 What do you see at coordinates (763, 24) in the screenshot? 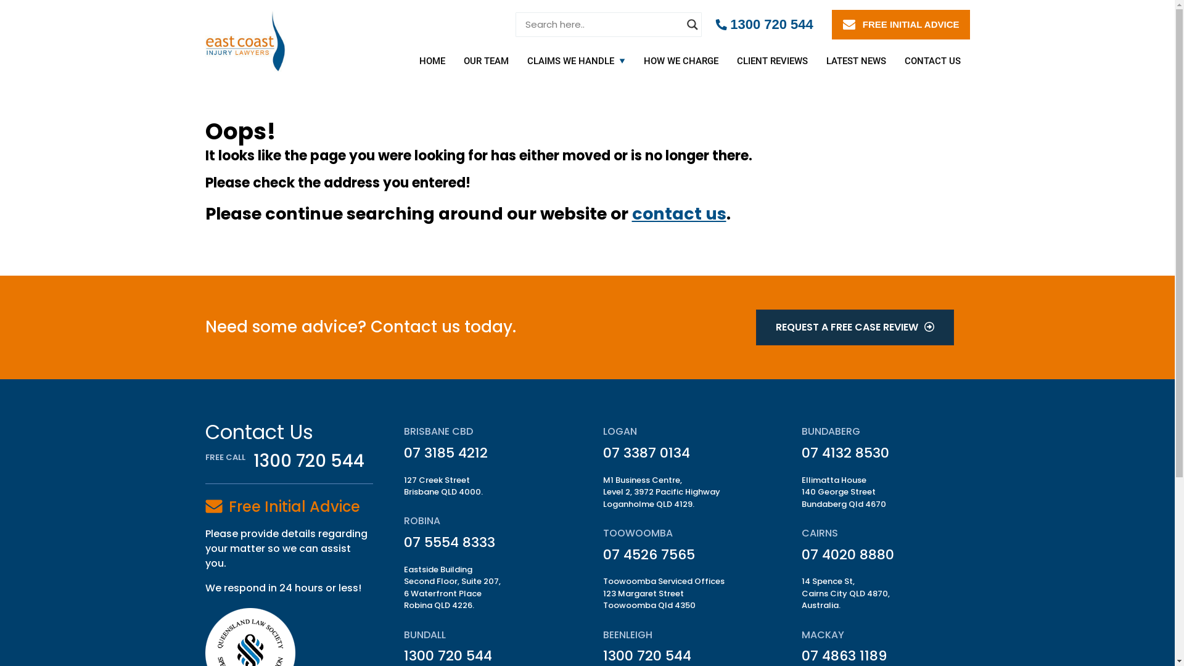
I see `'1300 720 544'` at bounding box center [763, 24].